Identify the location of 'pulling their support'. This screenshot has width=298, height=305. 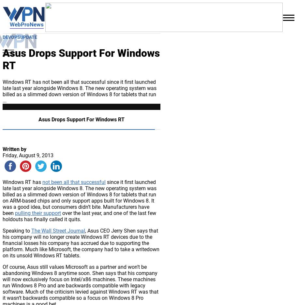
(38, 213).